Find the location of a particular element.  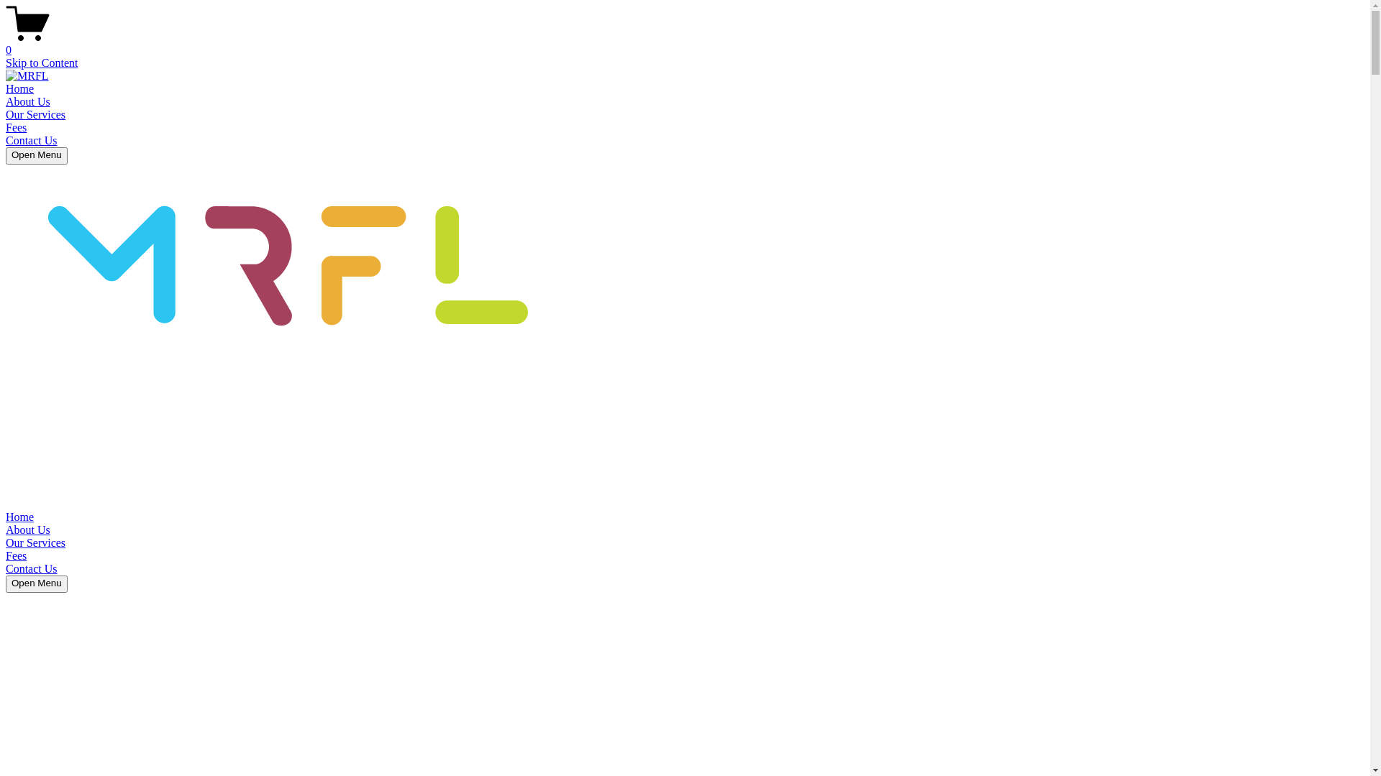

'About Us' is located at coordinates (6, 530).